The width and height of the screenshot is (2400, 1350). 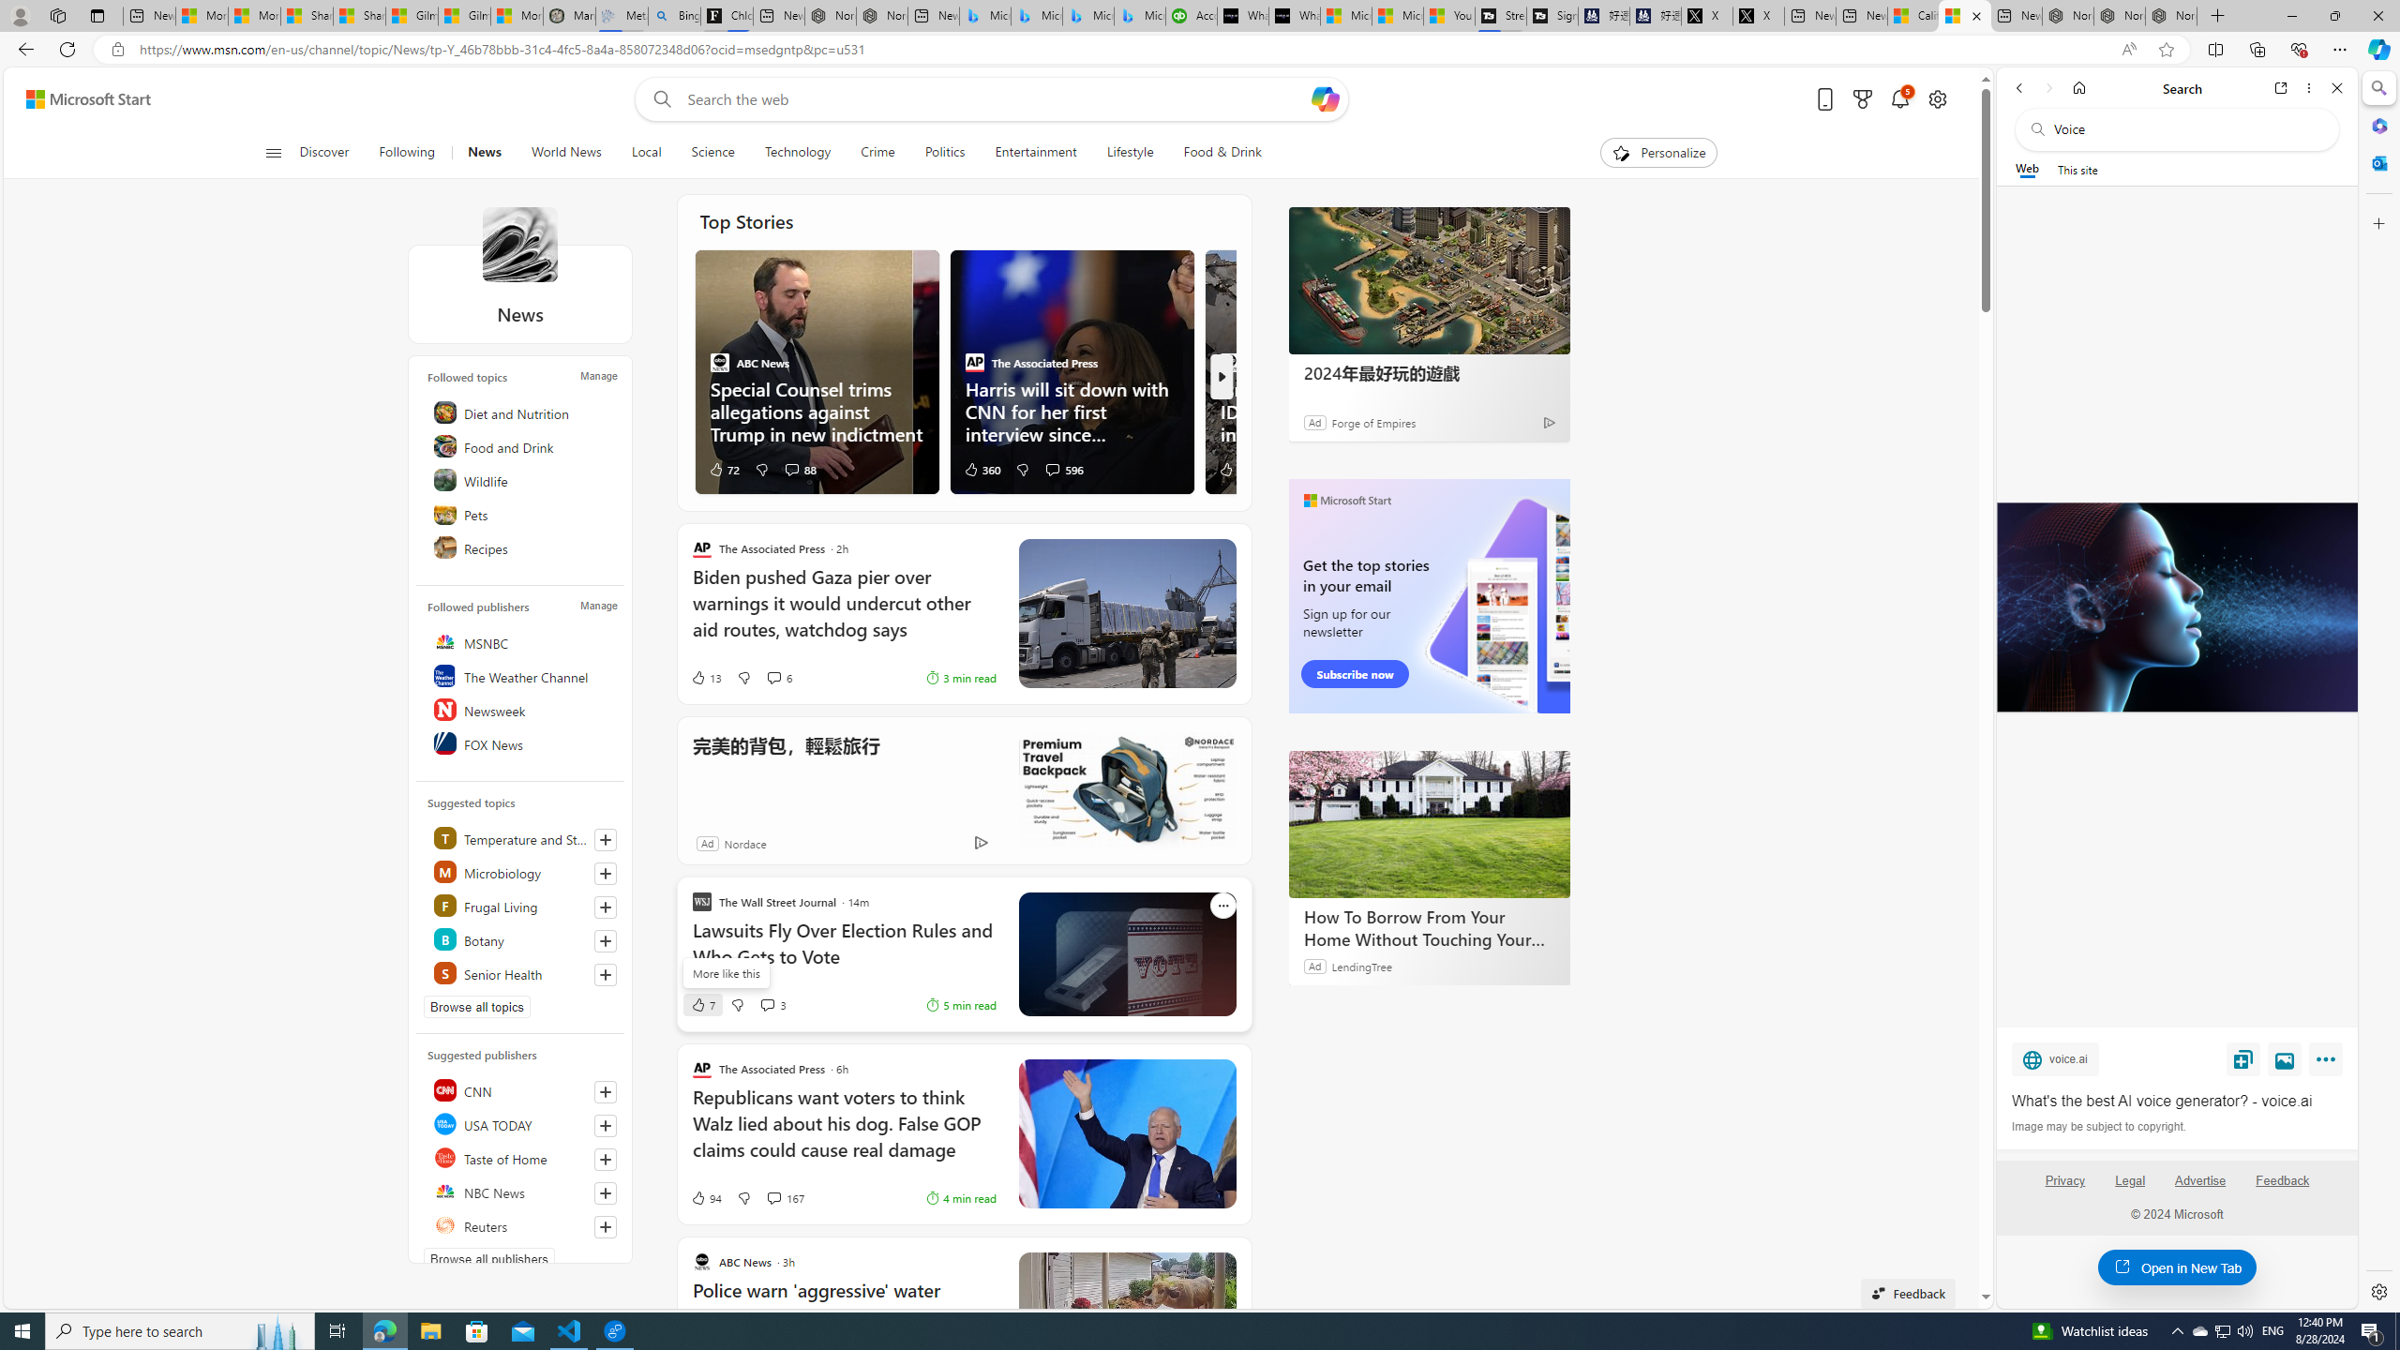 I want to click on 'View image', so click(x=2285, y=1058).